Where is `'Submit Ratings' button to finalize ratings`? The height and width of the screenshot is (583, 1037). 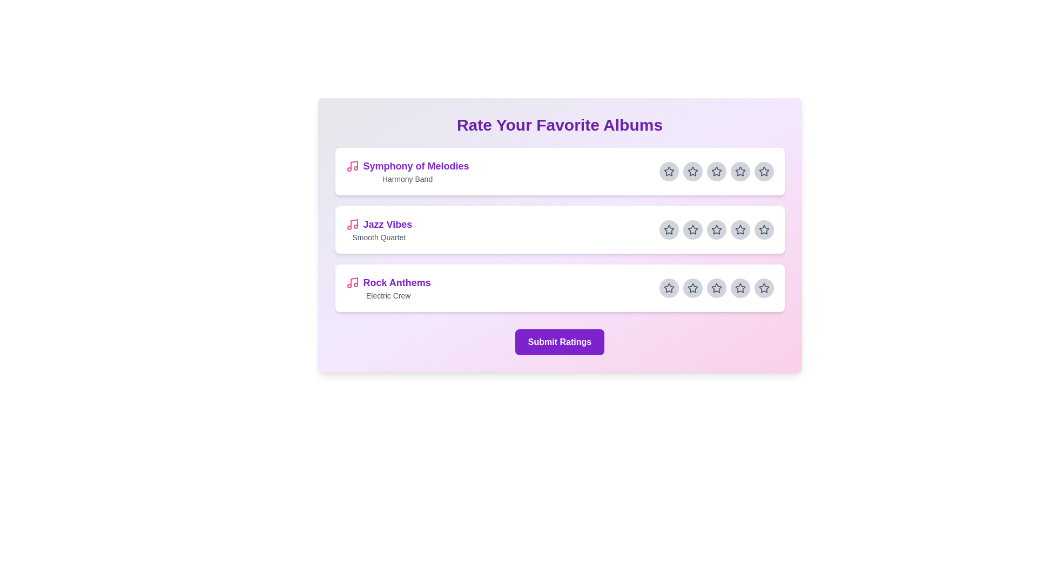 'Submit Ratings' button to finalize ratings is located at coordinates (560, 342).